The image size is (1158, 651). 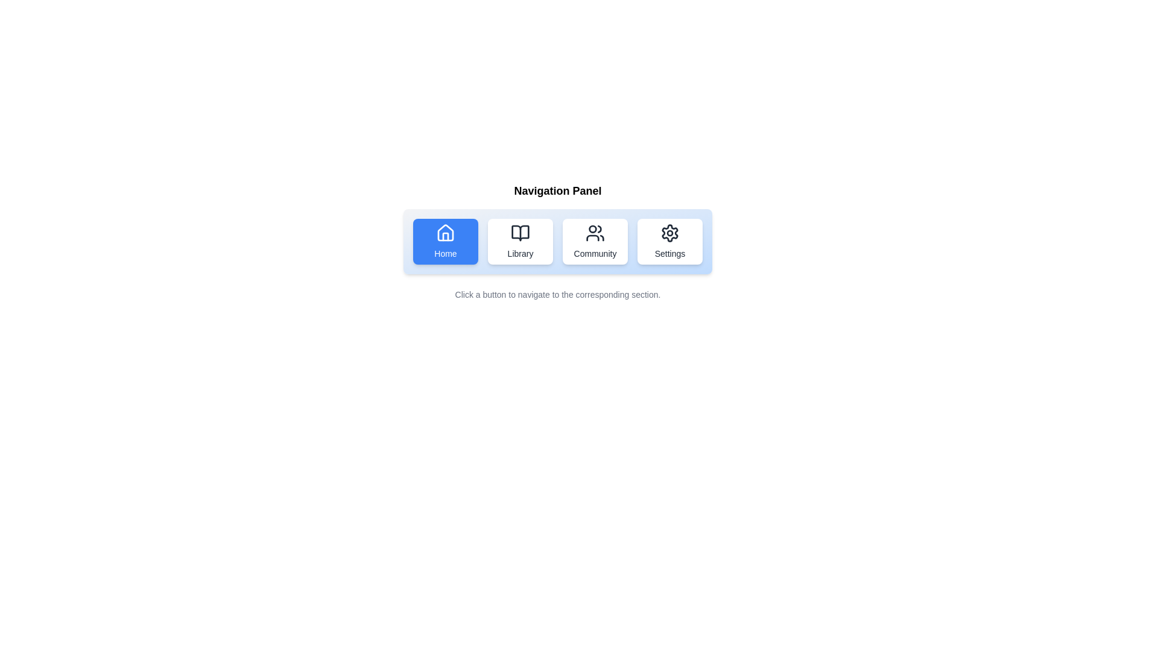 What do you see at coordinates (520, 242) in the screenshot?
I see `the second button in the navigation panel that redirects to the 'Library' section` at bounding box center [520, 242].